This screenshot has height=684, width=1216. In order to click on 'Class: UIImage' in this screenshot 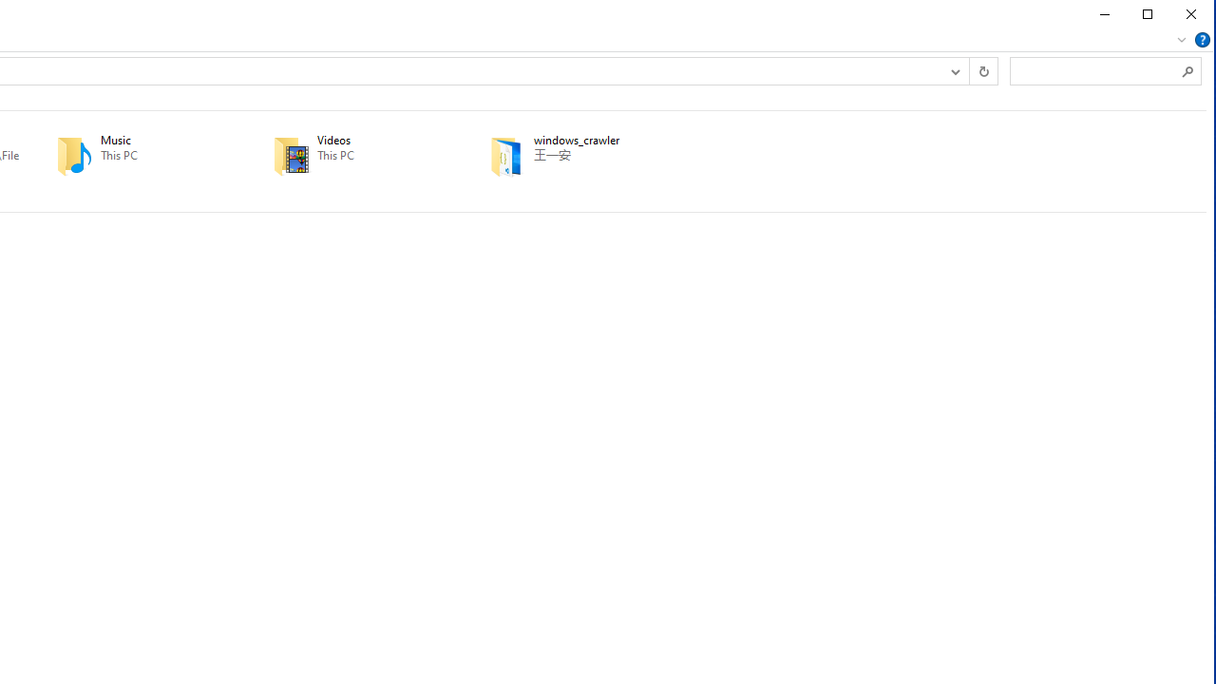, I will do `click(508, 154)`.